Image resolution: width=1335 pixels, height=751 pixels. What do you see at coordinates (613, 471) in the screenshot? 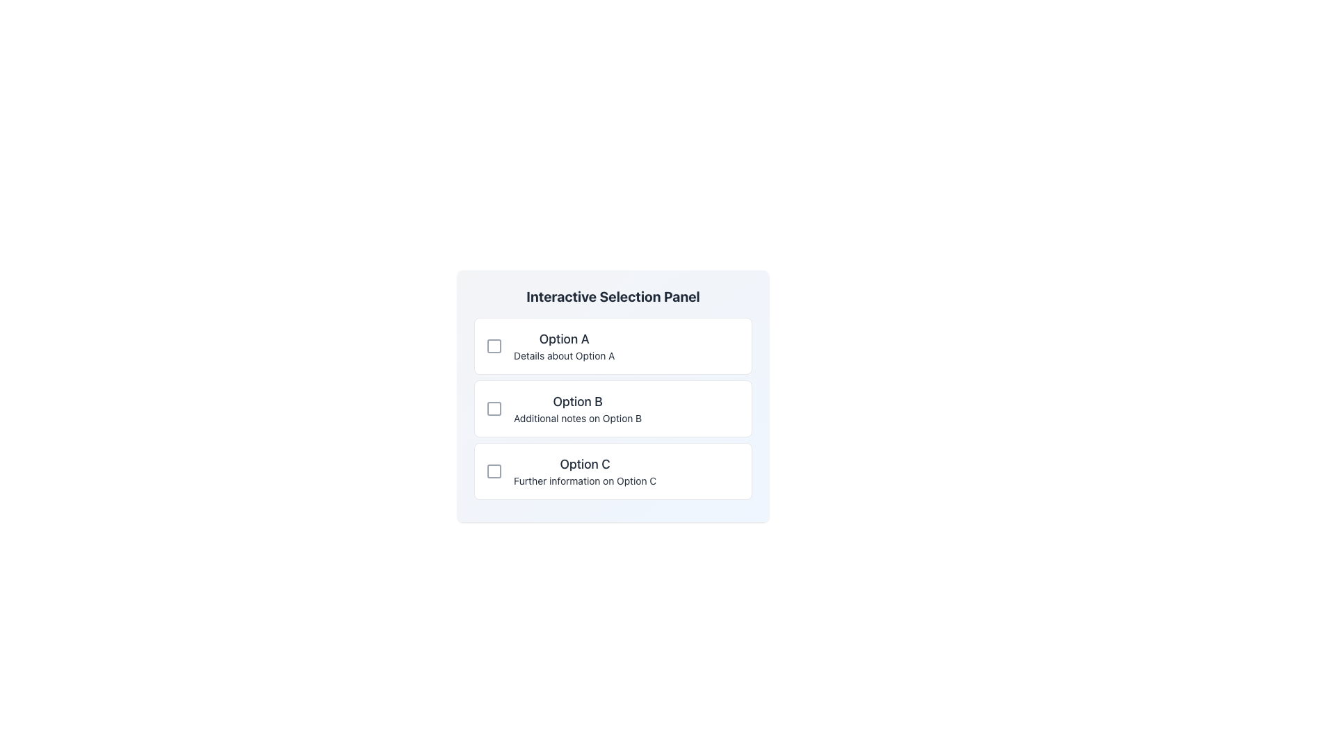
I see `the checkbox of the third selectable option item located between 'Option B' and the bottom edge of the panel` at bounding box center [613, 471].